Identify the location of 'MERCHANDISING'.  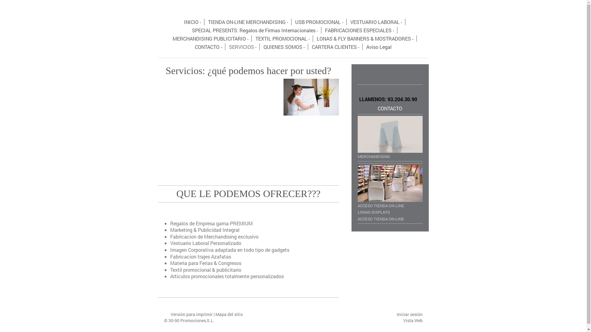
(390, 137).